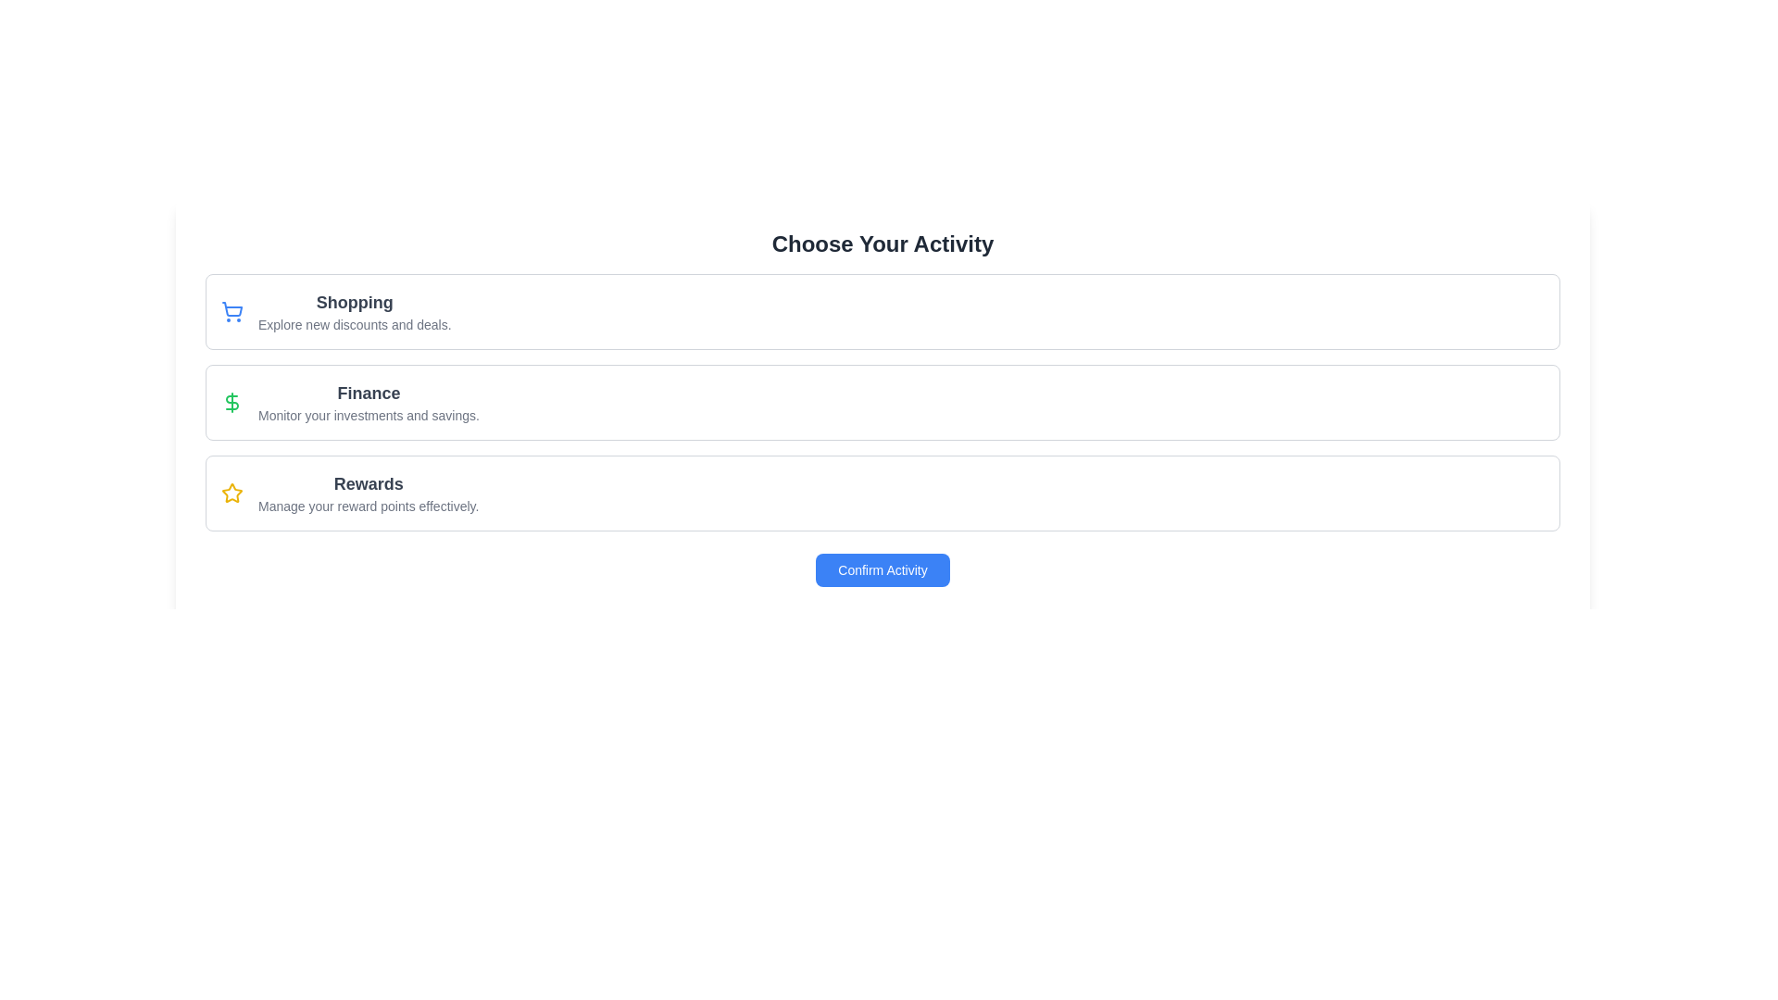  What do you see at coordinates (369, 414) in the screenshot?
I see `the descriptive text that reads 'Monitor your investments and savings.', which is located directly underneath the bold 'Finance' title within the Finance card` at bounding box center [369, 414].